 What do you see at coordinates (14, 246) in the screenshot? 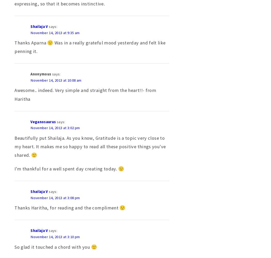
I see `'So glad it touched a chord with you 🙂'` at bounding box center [14, 246].